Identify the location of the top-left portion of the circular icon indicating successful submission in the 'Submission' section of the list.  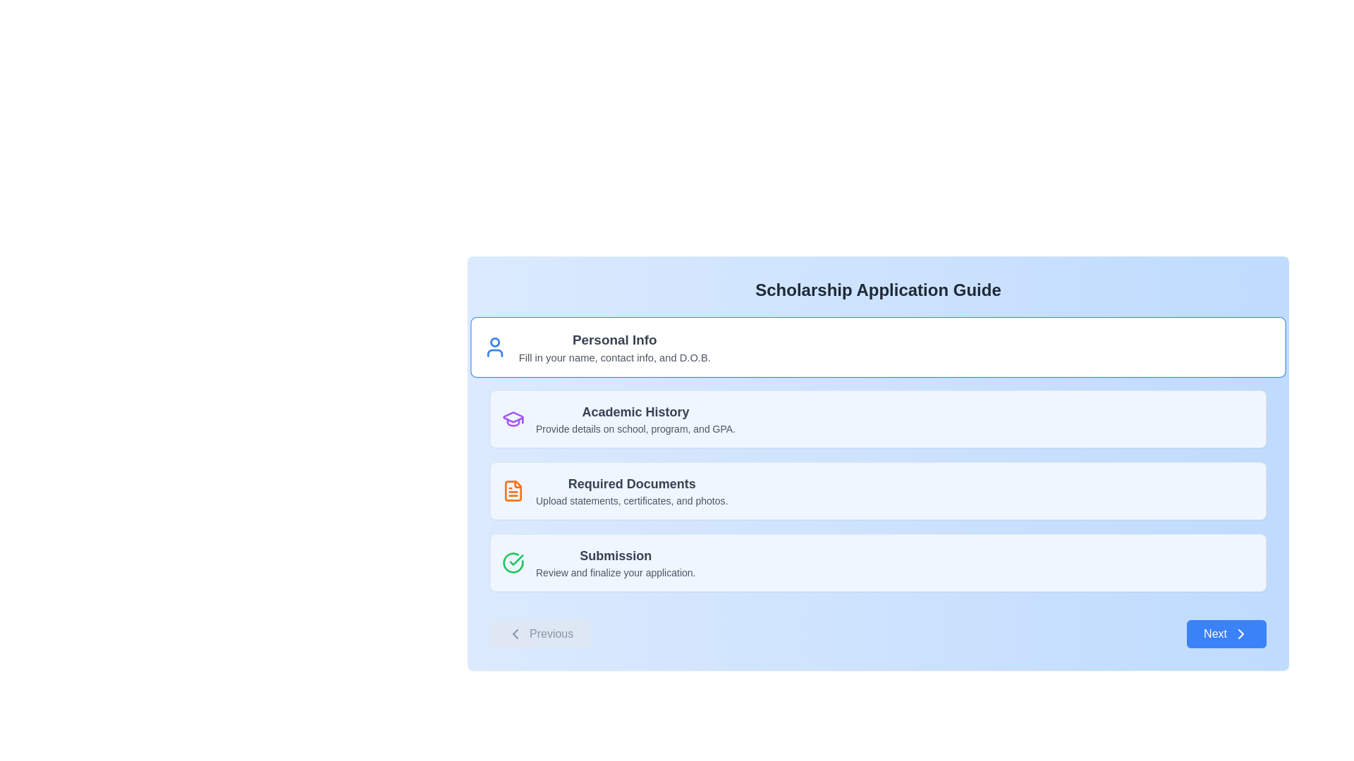
(513, 562).